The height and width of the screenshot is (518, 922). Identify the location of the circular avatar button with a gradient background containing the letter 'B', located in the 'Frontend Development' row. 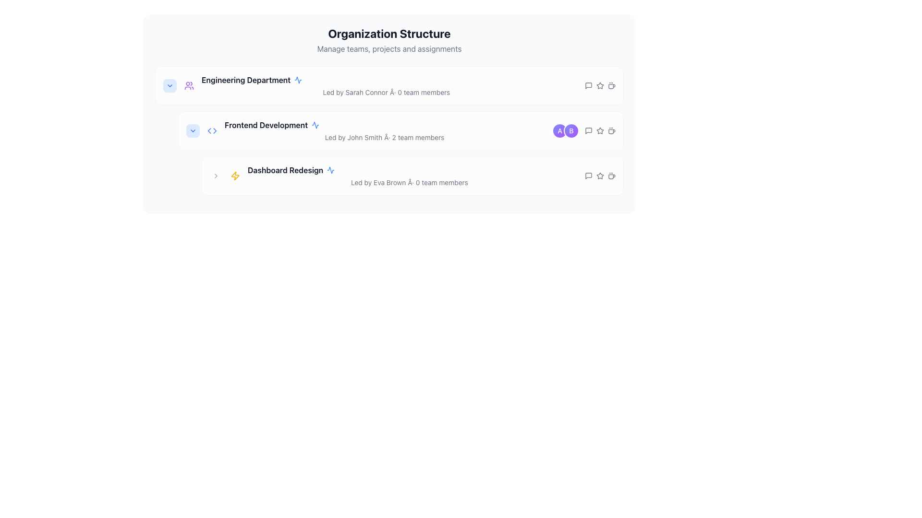
(571, 131).